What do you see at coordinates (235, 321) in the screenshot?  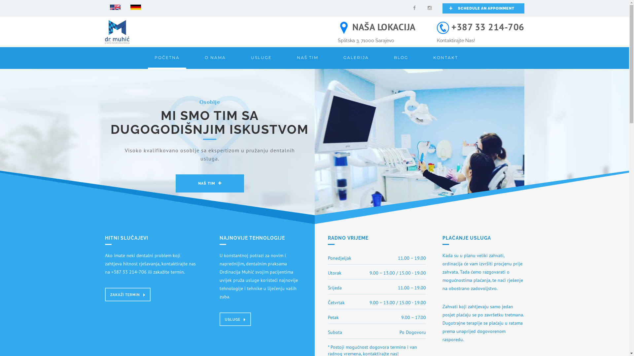 I see `'USLUGE'` at bounding box center [235, 321].